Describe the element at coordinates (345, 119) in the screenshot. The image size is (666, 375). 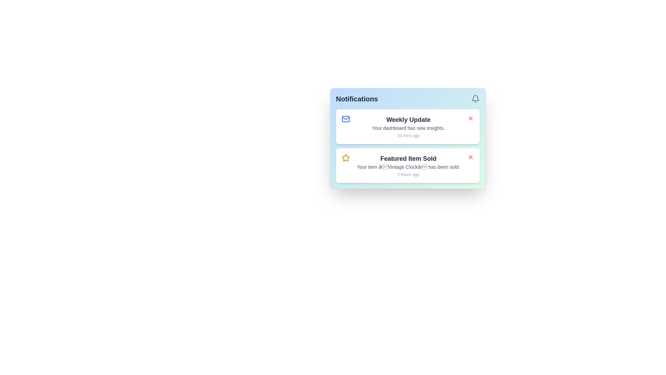
I see `the rounded rectangle inside the blue-tinted envelope icon, which is located to the left of the 'Weekly Update' notification in the notifications panel to focus on the envelope icon` at that location.